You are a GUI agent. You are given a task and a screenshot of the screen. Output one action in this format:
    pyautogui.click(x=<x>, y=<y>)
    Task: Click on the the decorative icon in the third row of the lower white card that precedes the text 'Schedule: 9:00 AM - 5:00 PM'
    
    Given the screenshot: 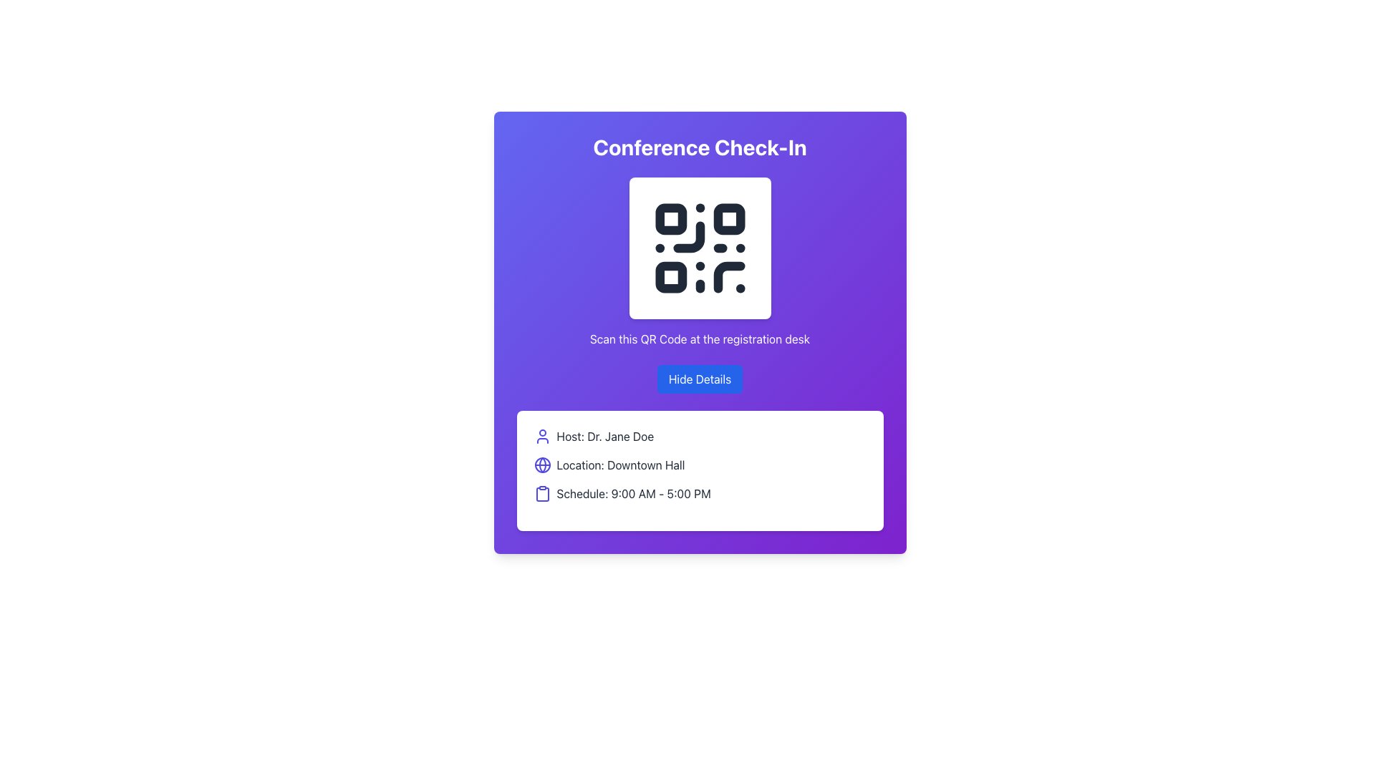 What is the action you would take?
    pyautogui.click(x=541, y=493)
    